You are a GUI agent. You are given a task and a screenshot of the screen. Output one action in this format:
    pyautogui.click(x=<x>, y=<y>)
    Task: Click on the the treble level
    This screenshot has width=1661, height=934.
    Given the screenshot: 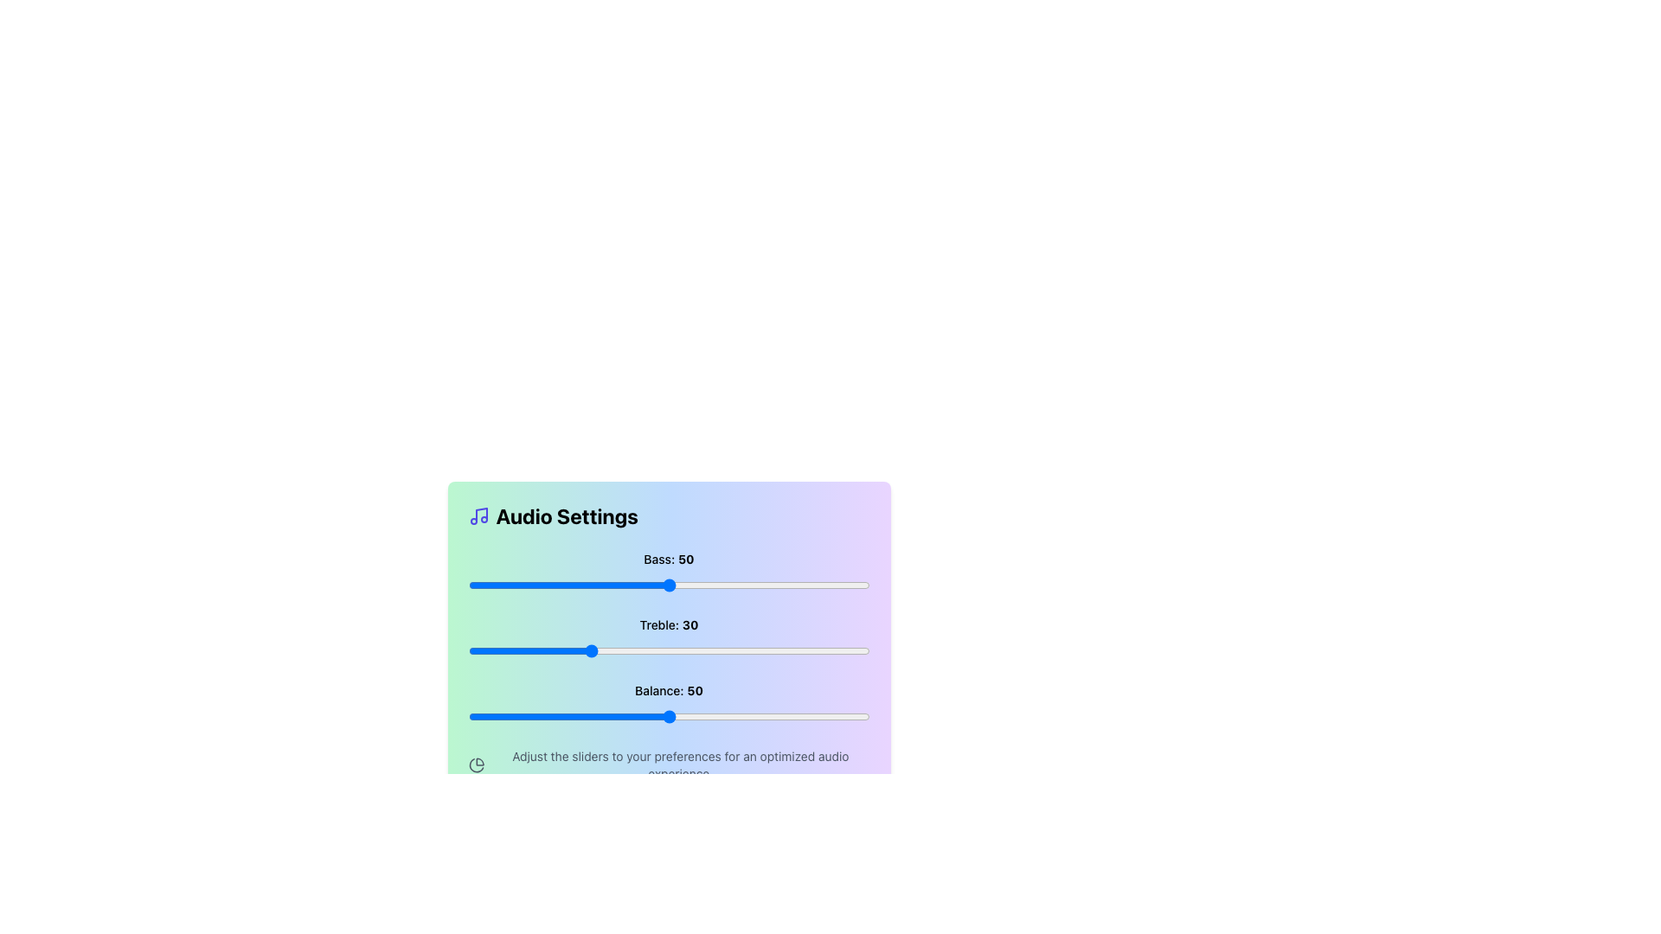 What is the action you would take?
    pyautogui.click(x=788, y=650)
    